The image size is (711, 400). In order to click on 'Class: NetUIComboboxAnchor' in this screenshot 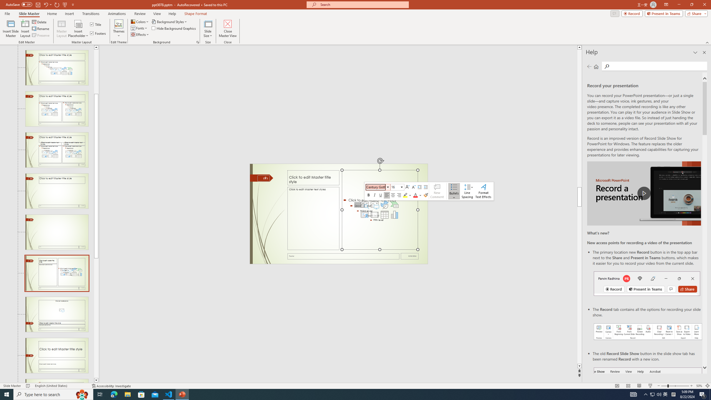, I will do `click(397, 187)`.